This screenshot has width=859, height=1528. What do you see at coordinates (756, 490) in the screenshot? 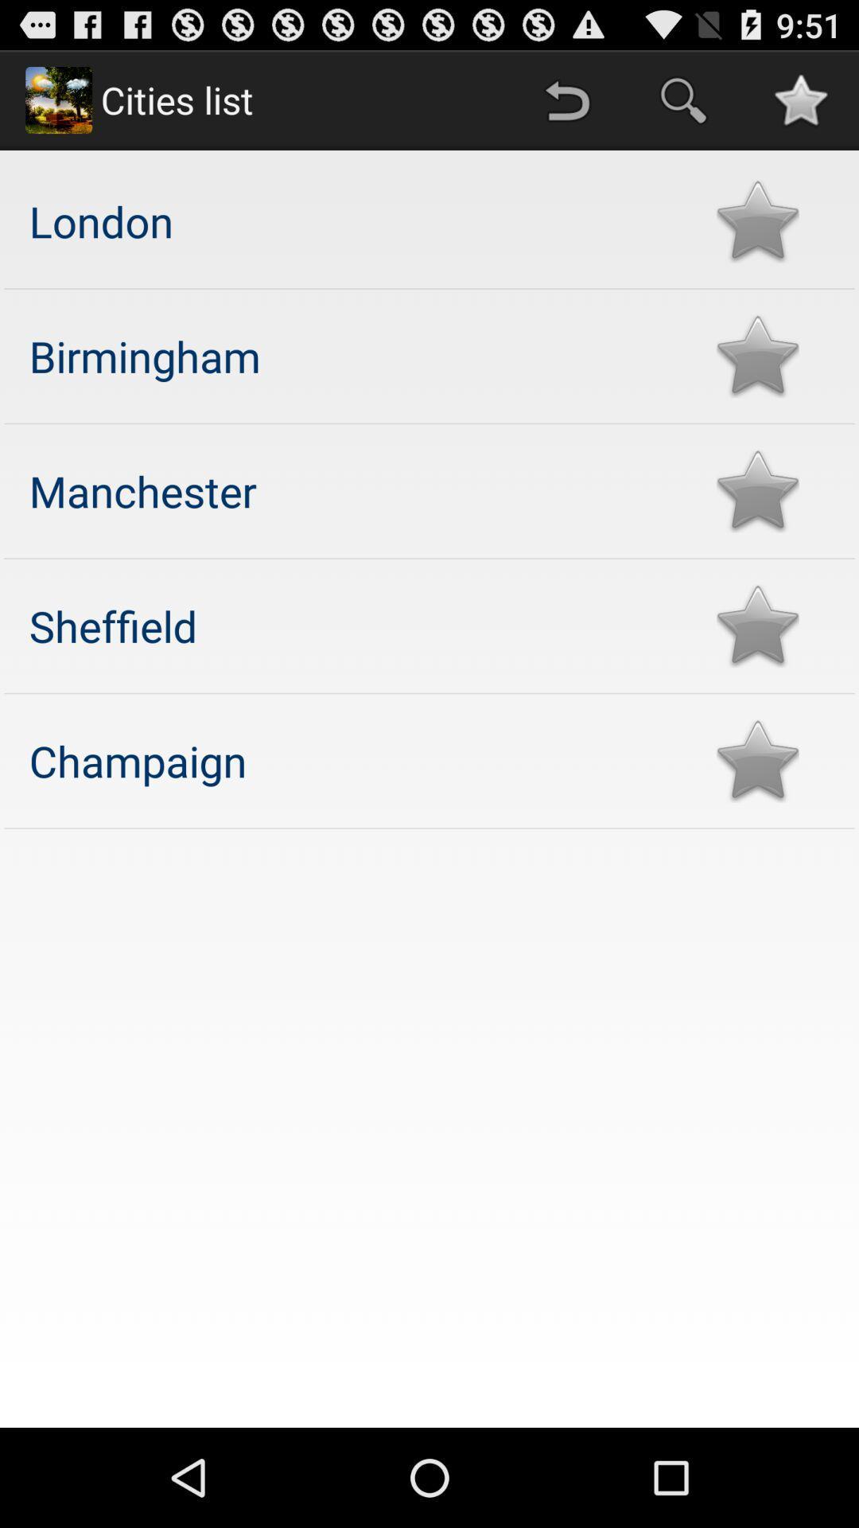
I see `bookmark city` at bounding box center [756, 490].